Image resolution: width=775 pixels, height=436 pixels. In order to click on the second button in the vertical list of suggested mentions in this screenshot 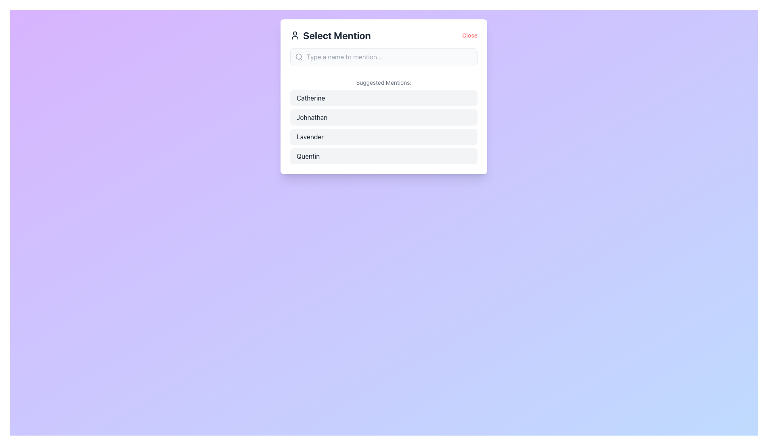, I will do `click(383, 118)`.